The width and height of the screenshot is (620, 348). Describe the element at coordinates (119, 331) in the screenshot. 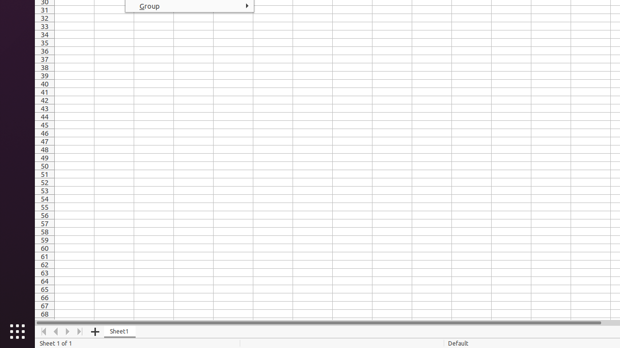

I see `'Sheet1'` at that location.